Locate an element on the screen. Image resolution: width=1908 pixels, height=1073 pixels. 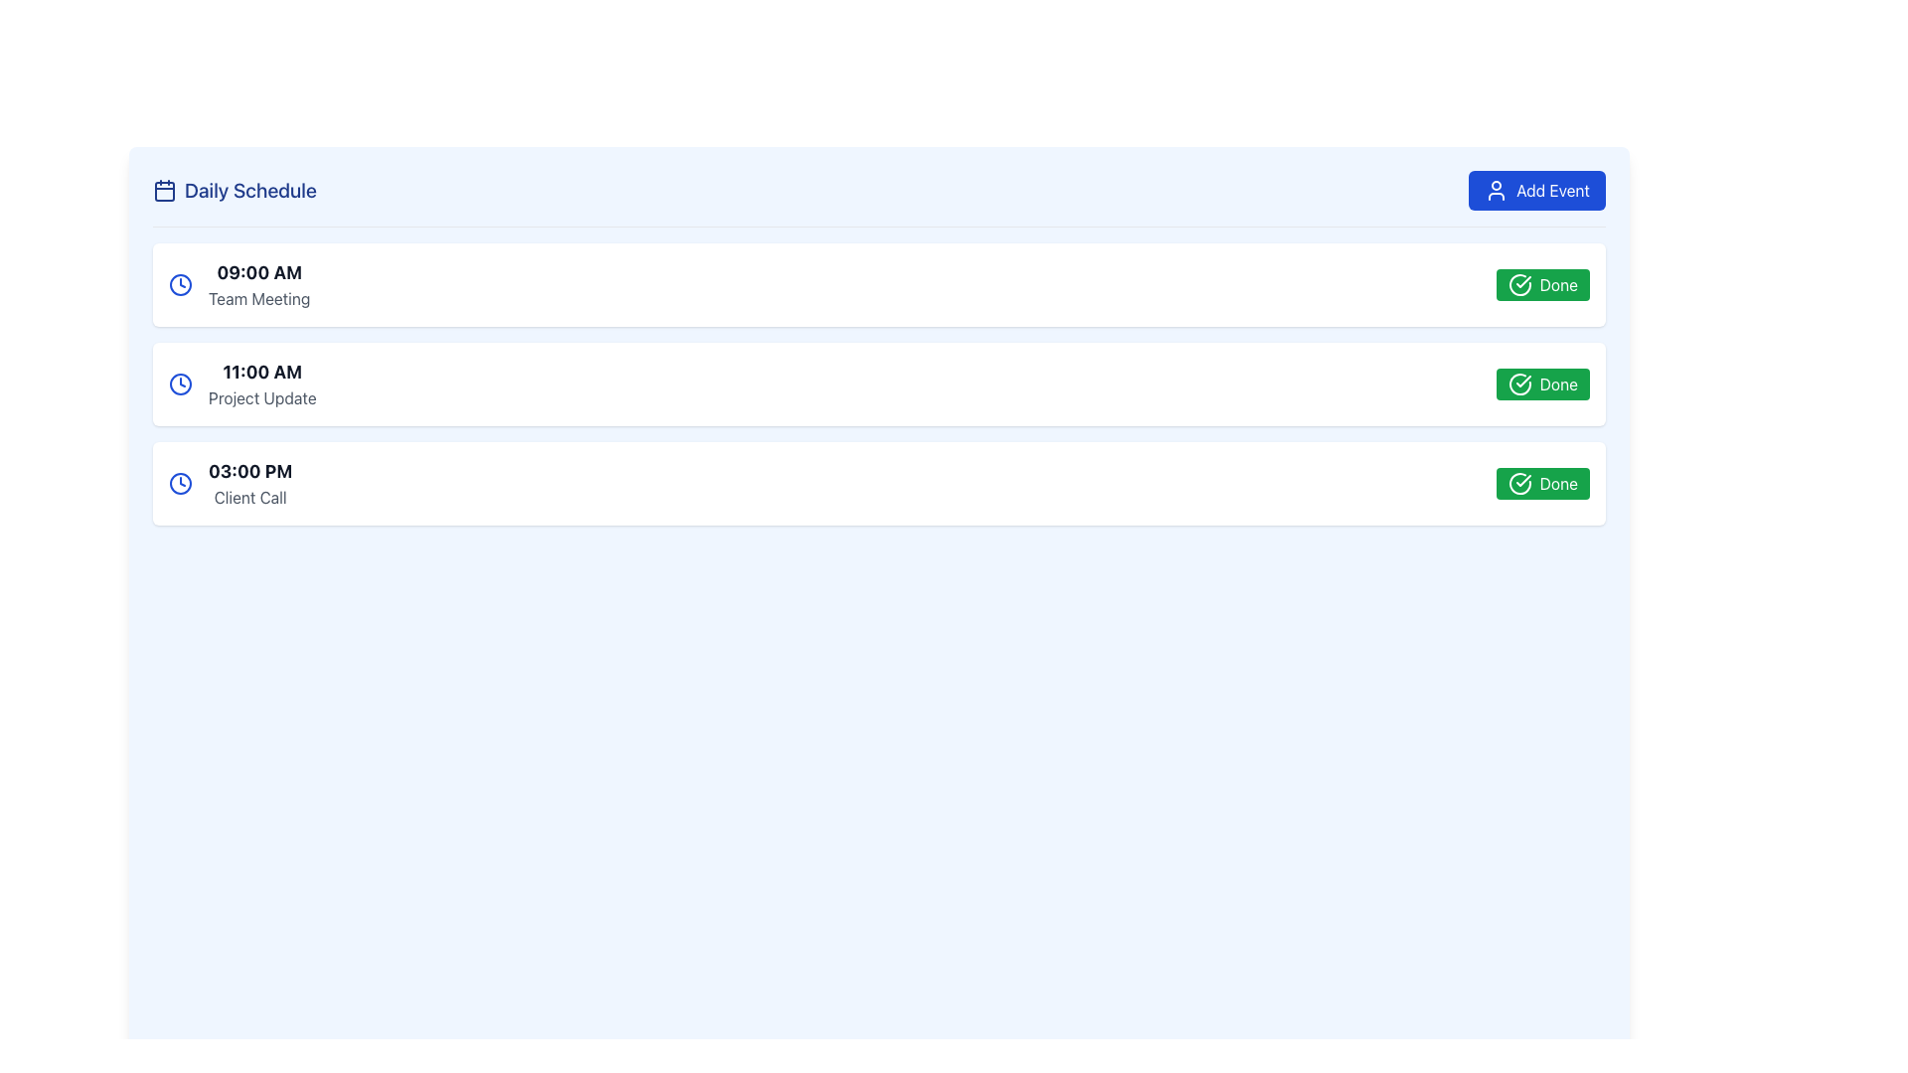
displayed information from the text block showing '03:00 PM' and 'Client Call', which is the third entry in the schedule list is located at coordinates (231, 483).